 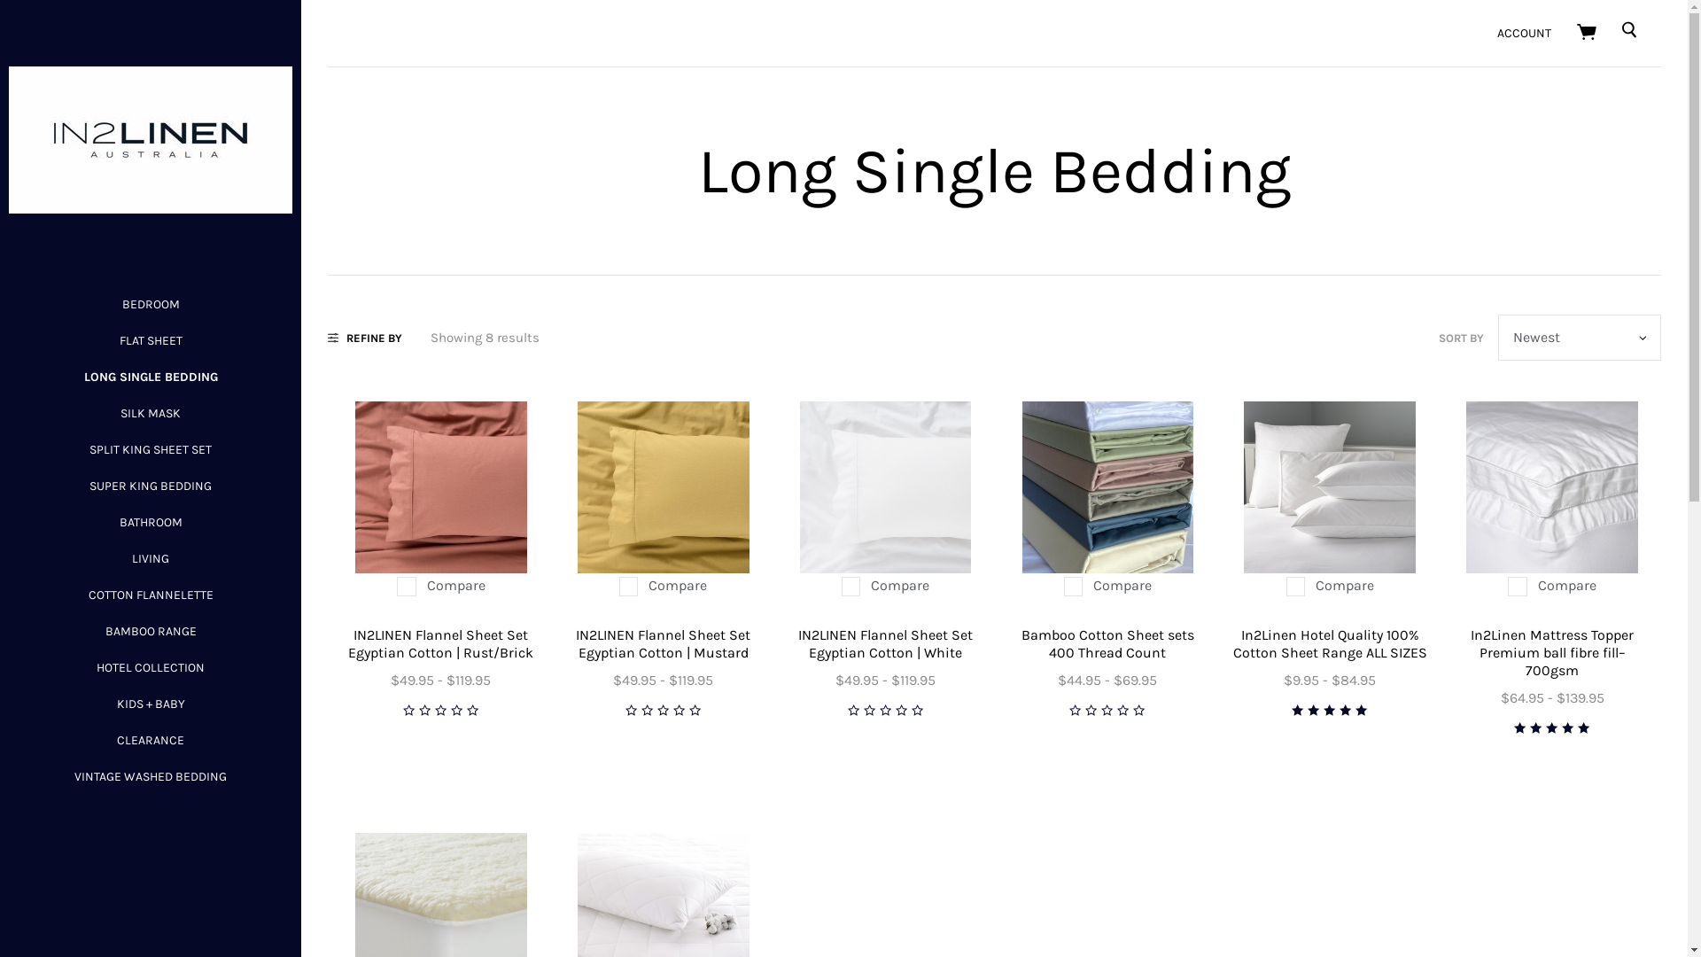 I want to click on 'LONG SINGLE BEDDING', so click(x=150, y=376).